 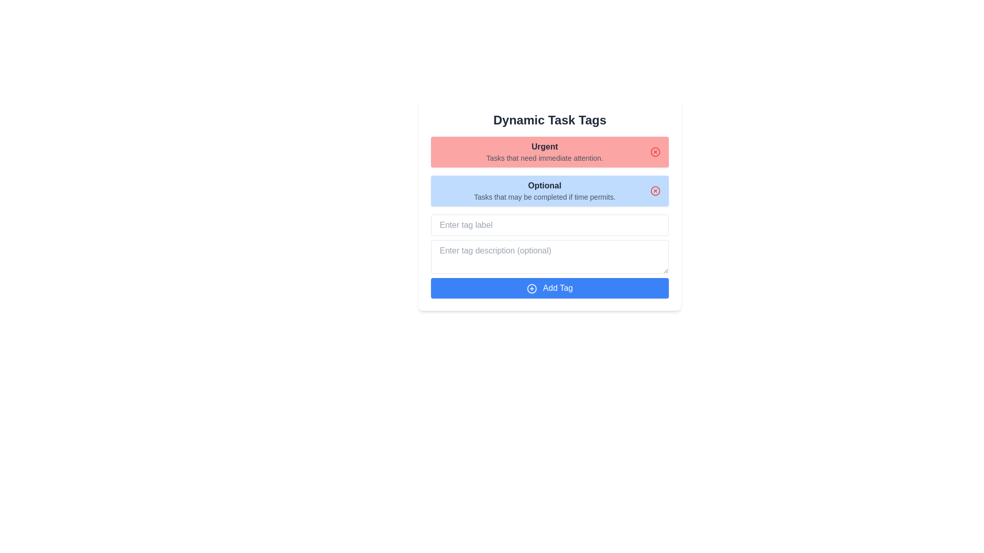 I want to click on the button located at the bottom of the 'Dynamic Task Tags' section, so click(x=549, y=288).